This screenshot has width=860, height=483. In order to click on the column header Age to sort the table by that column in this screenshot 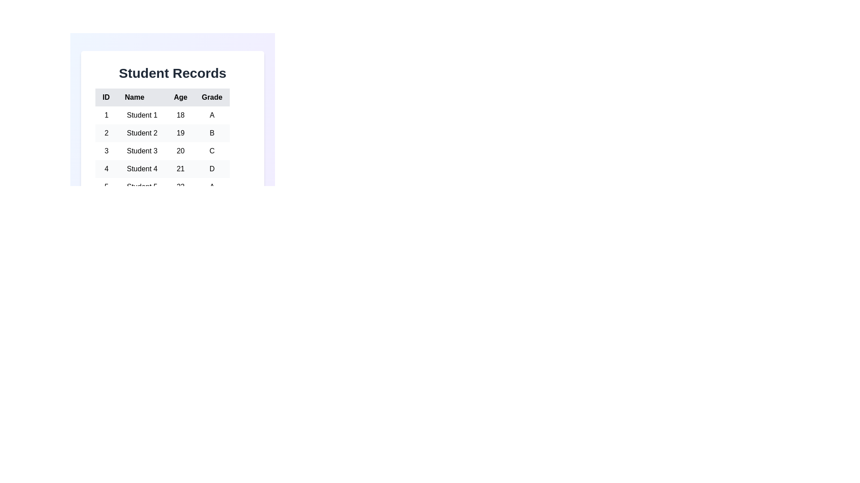, I will do `click(180, 97)`.